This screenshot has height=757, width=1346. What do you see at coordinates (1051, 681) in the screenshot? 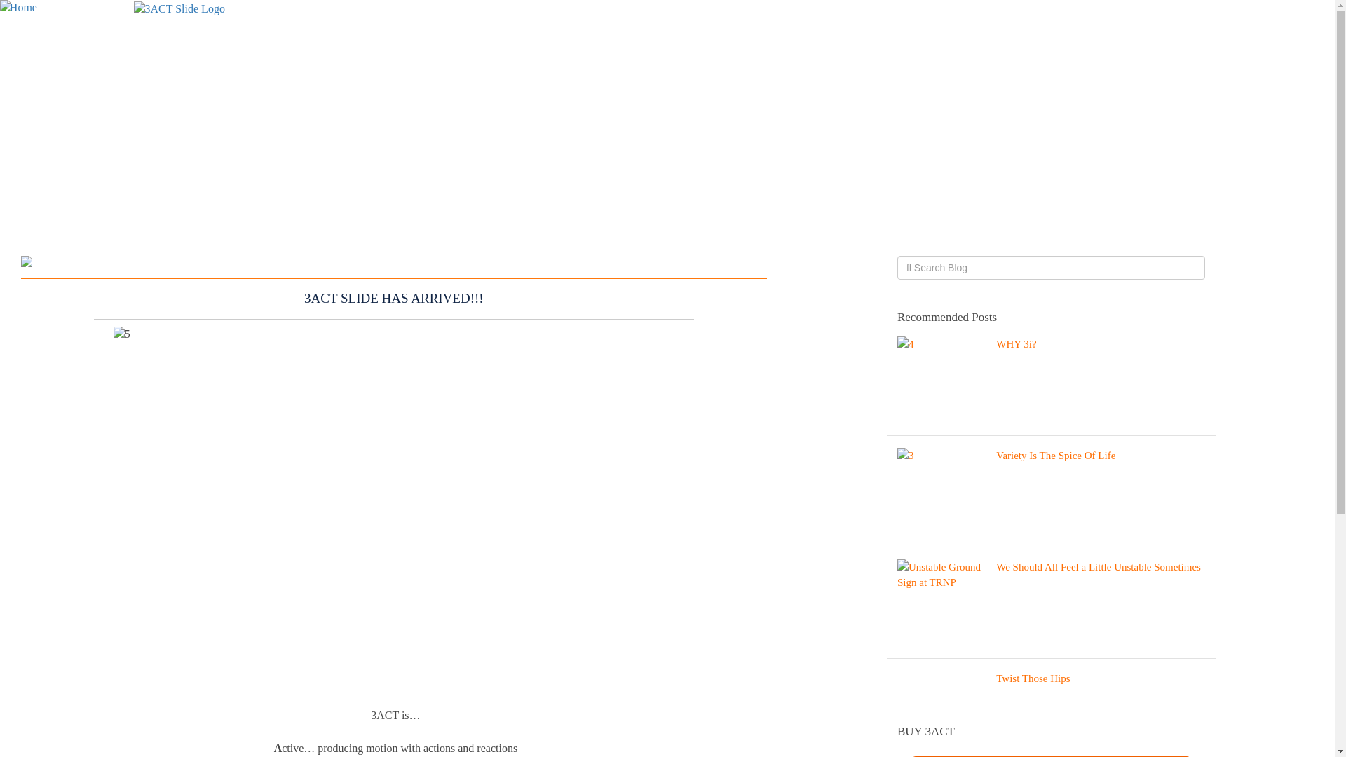
I see `'Twist Those Hips'` at bounding box center [1051, 681].